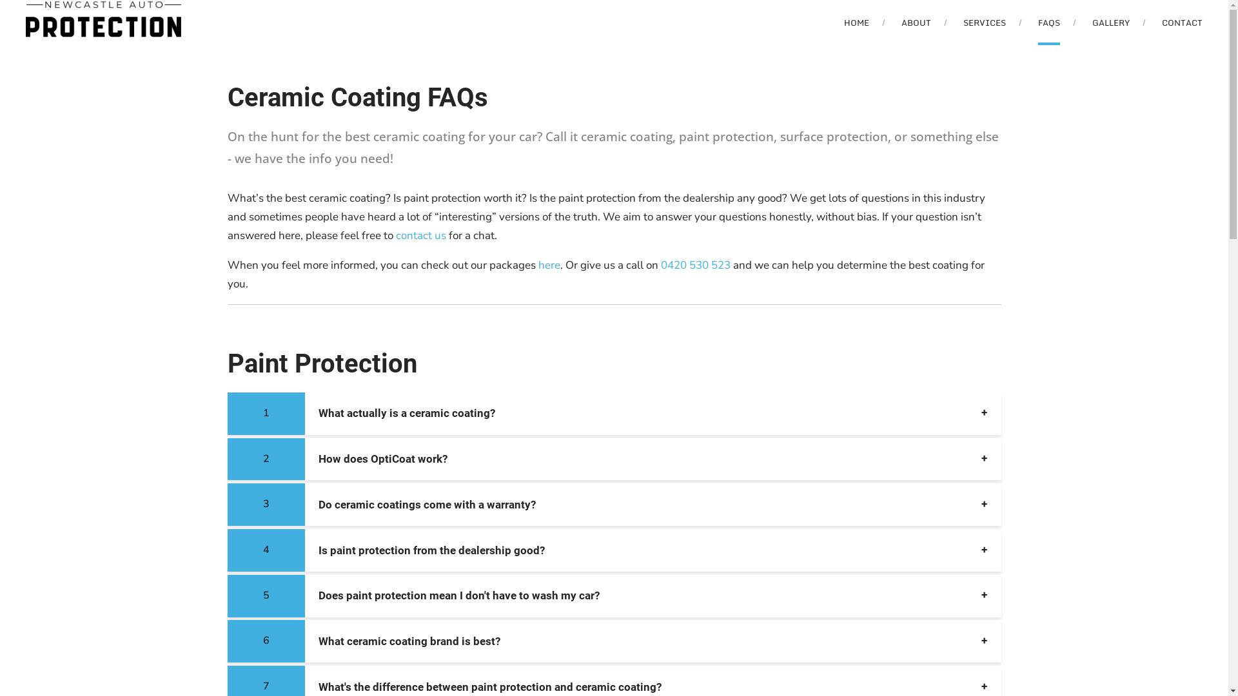 Image resolution: width=1238 pixels, height=696 pixels. Describe the element at coordinates (963, 22) in the screenshot. I see `'SERVICES'` at that location.